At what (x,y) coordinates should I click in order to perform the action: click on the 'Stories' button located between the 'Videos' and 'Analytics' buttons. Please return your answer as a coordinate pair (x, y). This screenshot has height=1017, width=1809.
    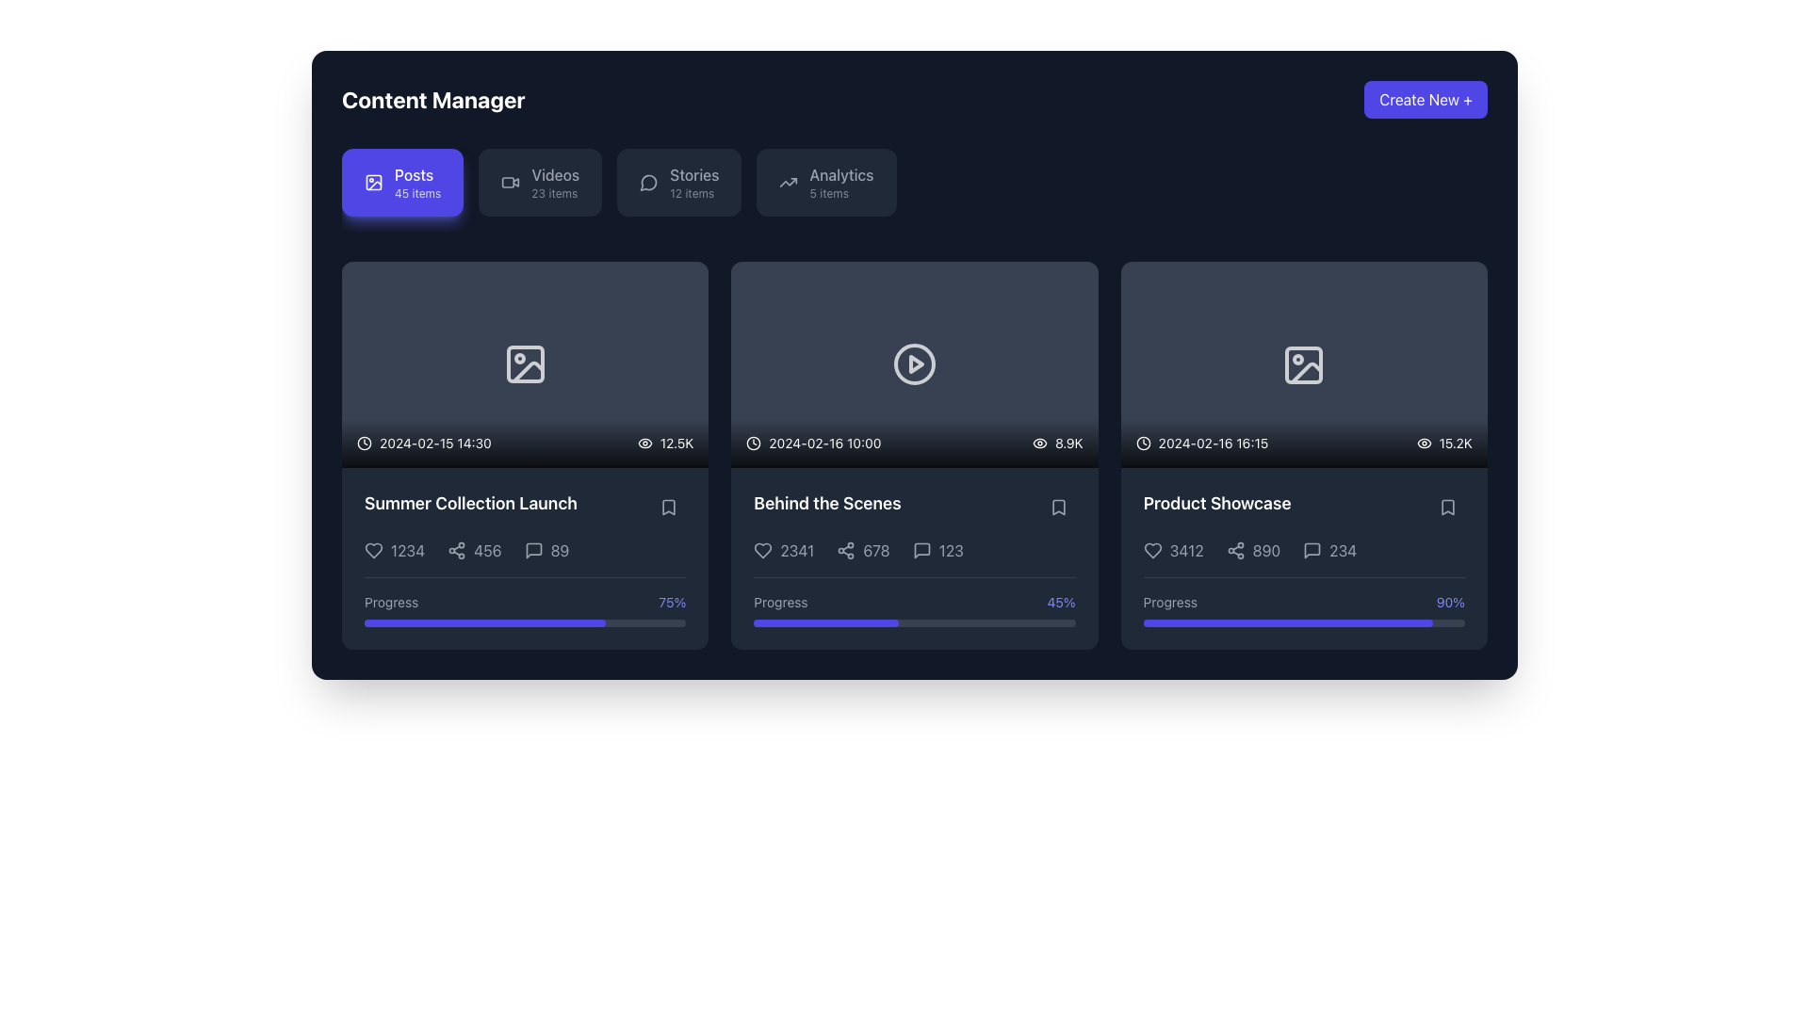
    Looking at the image, I should click on (678, 182).